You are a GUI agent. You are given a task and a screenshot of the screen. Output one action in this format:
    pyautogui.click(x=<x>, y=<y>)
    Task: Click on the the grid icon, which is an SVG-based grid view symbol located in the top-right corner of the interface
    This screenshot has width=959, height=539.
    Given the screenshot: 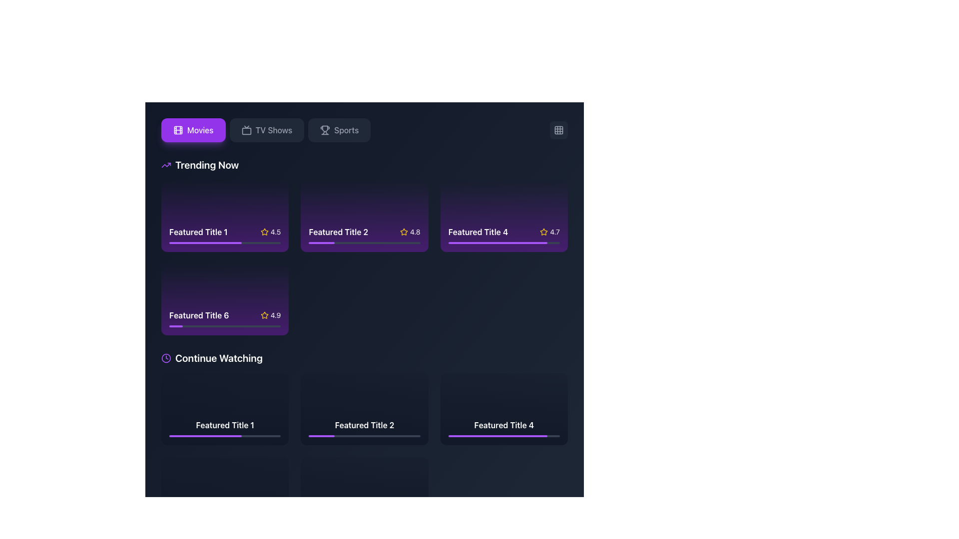 What is the action you would take?
    pyautogui.click(x=558, y=130)
    